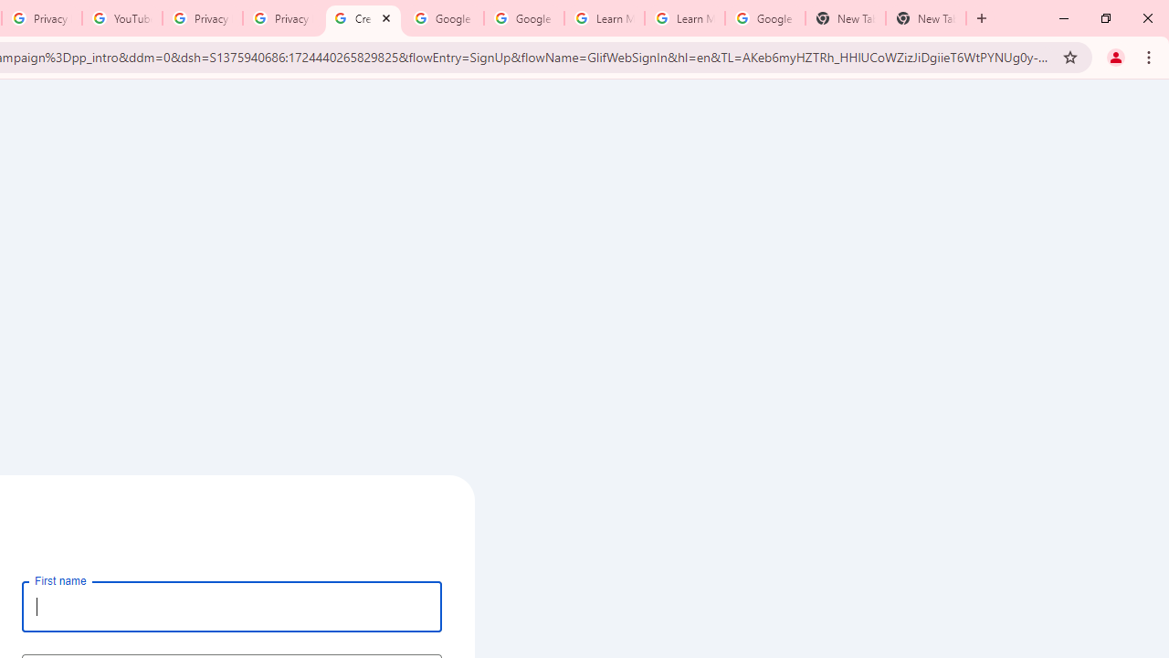 This screenshot has height=658, width=1169. Describe the element at coordinates (121, 18) in the screenshot. I see `'YouTube'` at that location.